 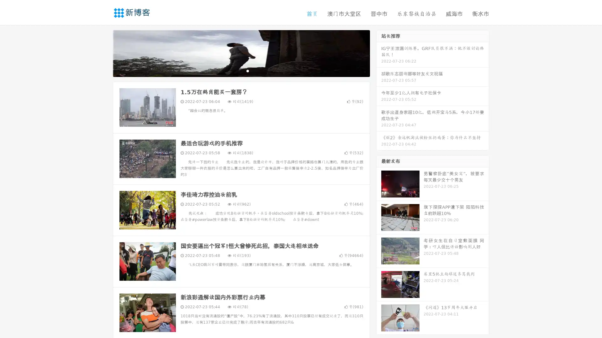 What do you see at coordinates (247, 70) in the screenshot?
I see `Go to slide 3` at bounding box center [247, 70].